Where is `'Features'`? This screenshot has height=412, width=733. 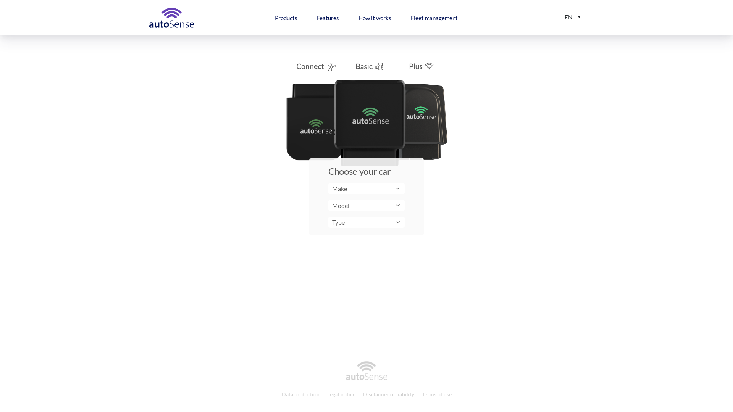
'Features' is located at coordinates (317, 18).